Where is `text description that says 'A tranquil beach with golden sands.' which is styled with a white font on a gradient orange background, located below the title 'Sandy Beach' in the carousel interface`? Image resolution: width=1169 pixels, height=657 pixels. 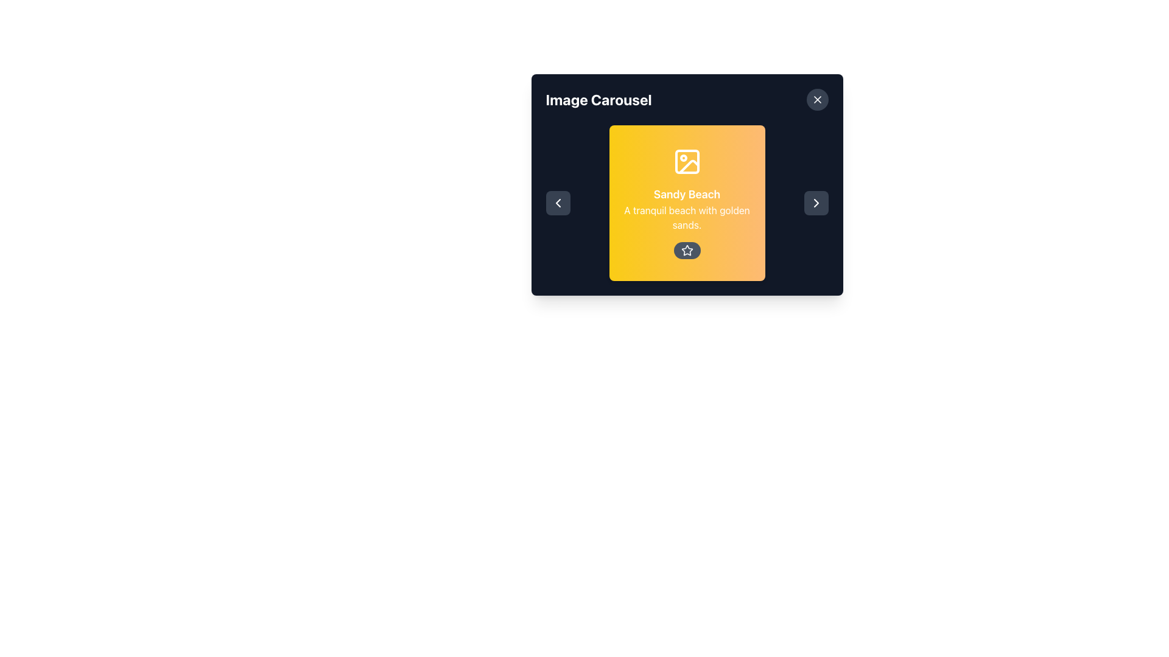 text description that says 'A tranquil beach with golden sands.' which is styled with a white font on a gradient orange background, located below the title 'Sandy Beach' in the carousel interface is located at coordinates (687, 217).